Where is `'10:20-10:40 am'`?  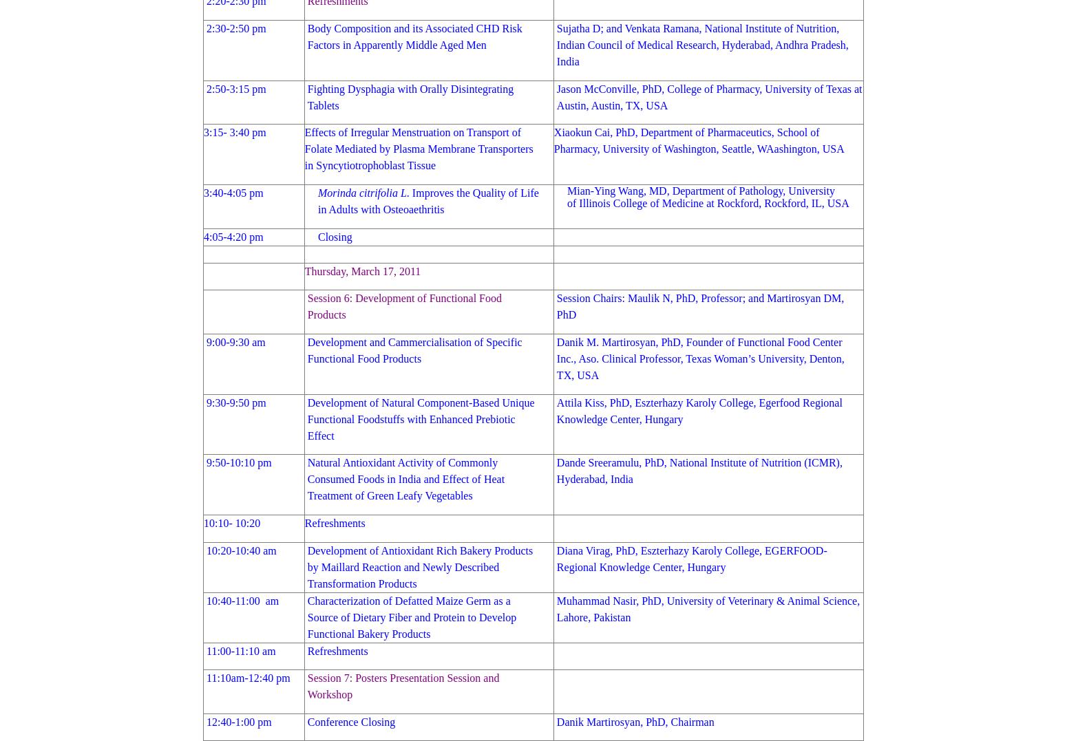 '10:20-10:40 am' is located at coordinates (240, 550).